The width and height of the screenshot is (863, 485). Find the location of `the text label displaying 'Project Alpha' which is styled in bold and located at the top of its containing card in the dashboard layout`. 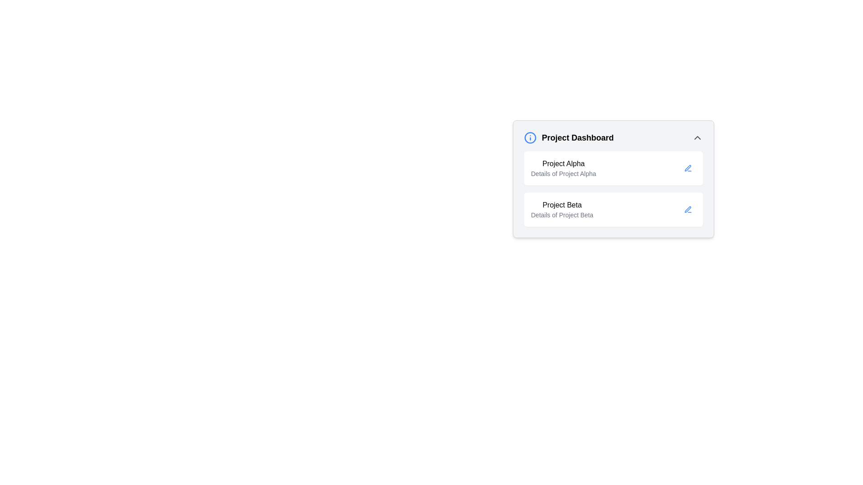

the text label displaying 'Project Alpha' which is styled in bold and located at the top of its containing card in the dashboard layout is located at coordinates (563, 164).